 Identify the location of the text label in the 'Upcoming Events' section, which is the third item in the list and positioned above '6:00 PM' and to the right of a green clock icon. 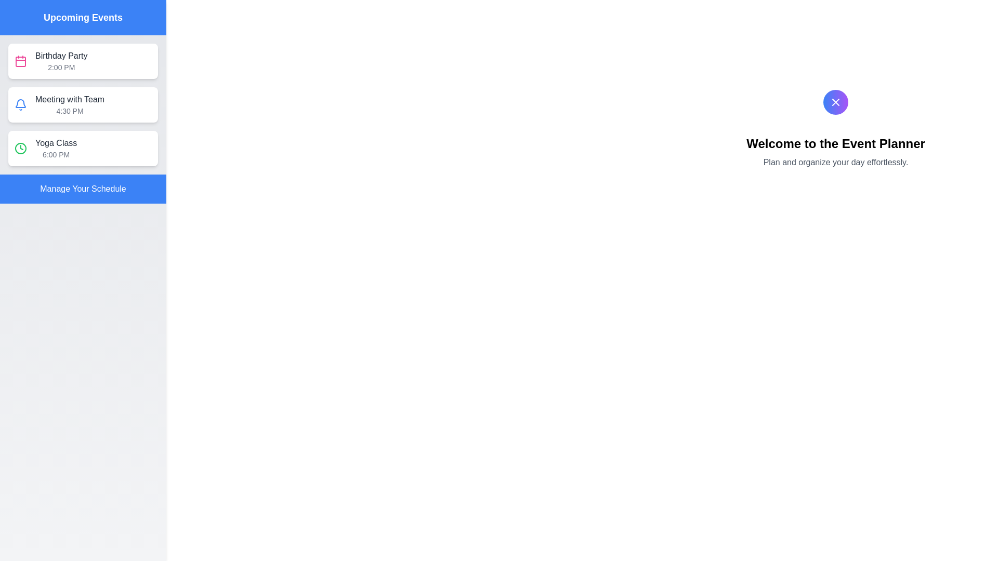
(56, 143).